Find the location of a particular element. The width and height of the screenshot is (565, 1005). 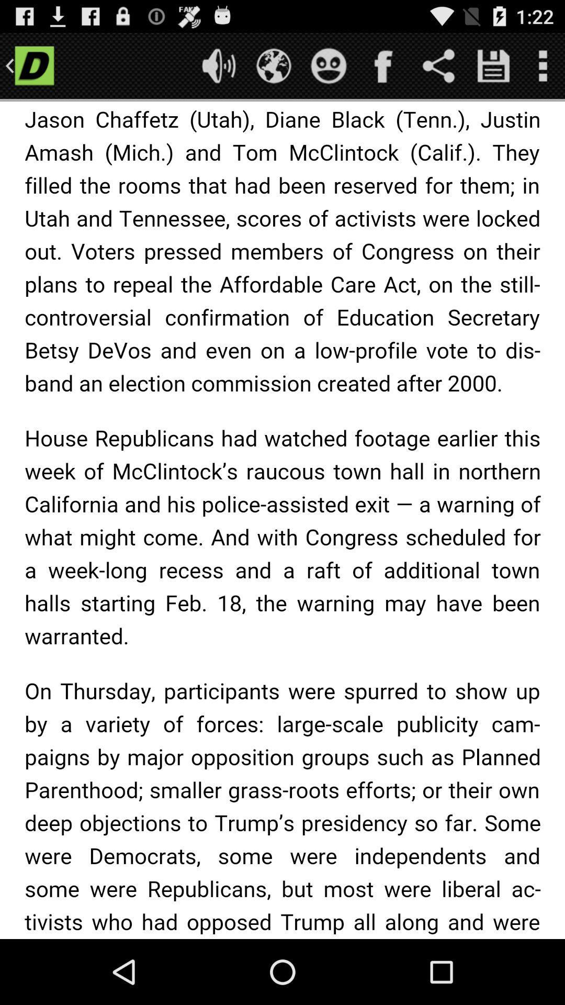

the facebook icon is located at coordinates (383, 70).